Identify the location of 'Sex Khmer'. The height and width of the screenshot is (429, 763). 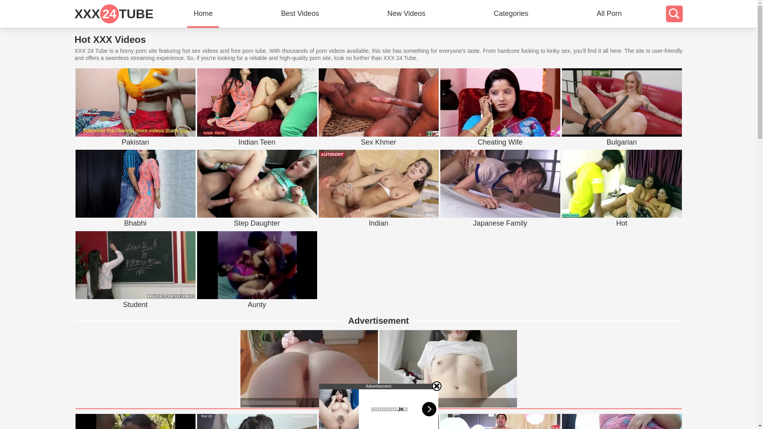
(378, 102).